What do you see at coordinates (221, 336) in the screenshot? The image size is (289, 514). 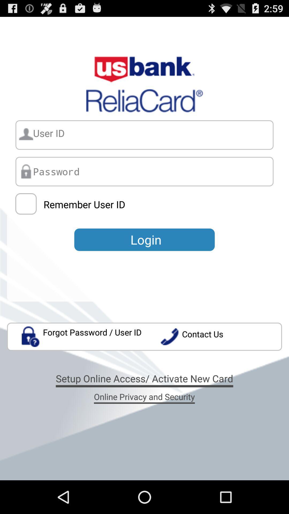 I see `item above setup online access app` at bounding box center [221, 336].